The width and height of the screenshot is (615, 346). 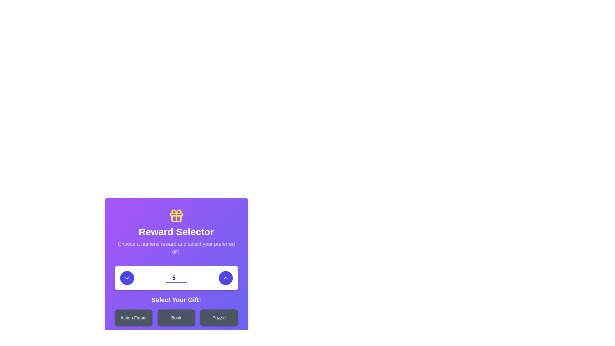 I want to click on the gift or reward icon located at the top of the 'Reward Selector' card component, centered horizontally above the main title text, so click(x=176, y=216).